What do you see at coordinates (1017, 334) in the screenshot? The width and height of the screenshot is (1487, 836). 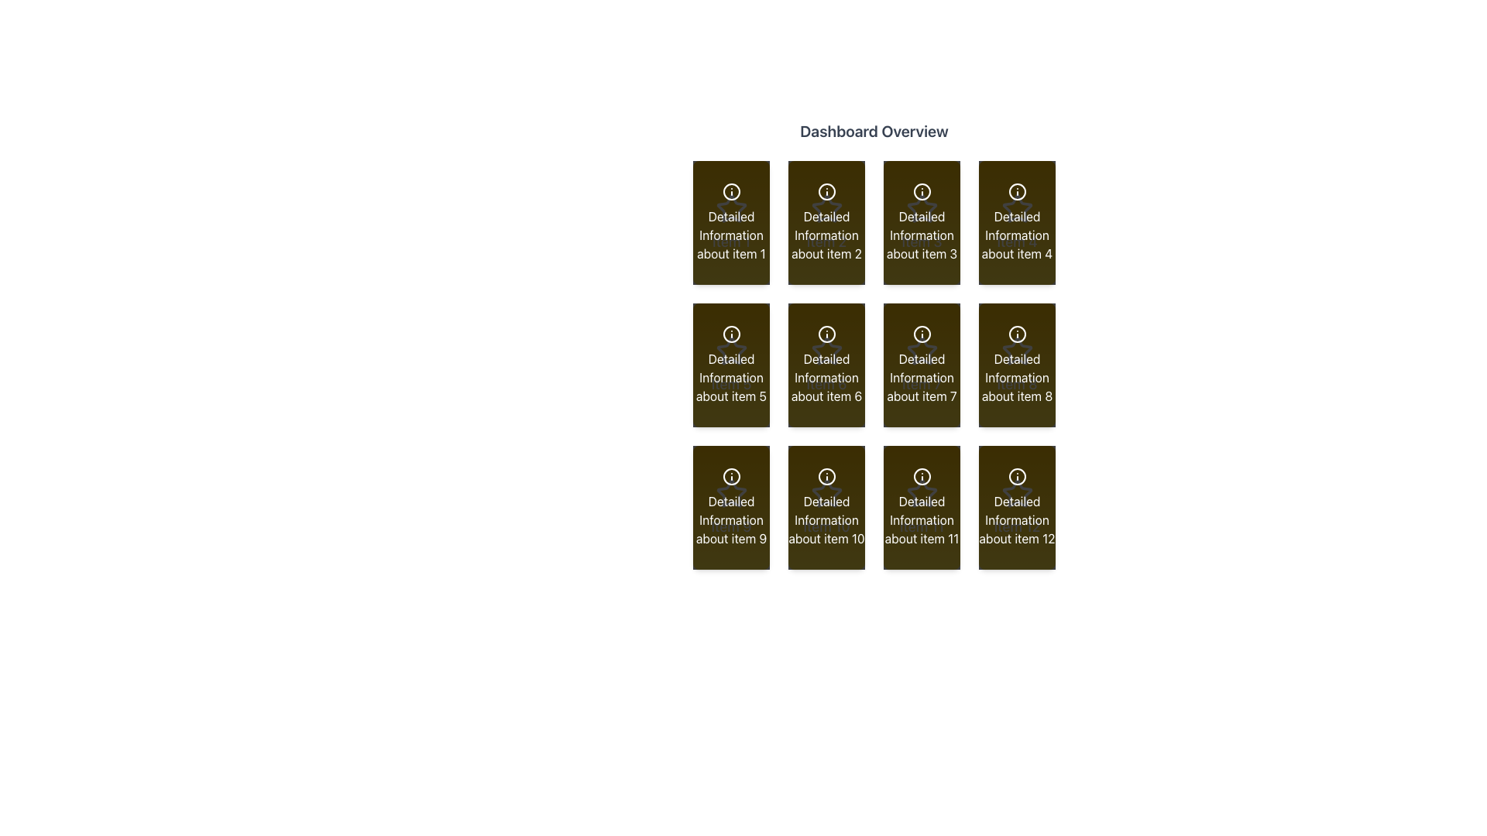 I see `the circular boundary of the information icon representing detailed information about 'item 8'` at bounding box center [1017, 334].